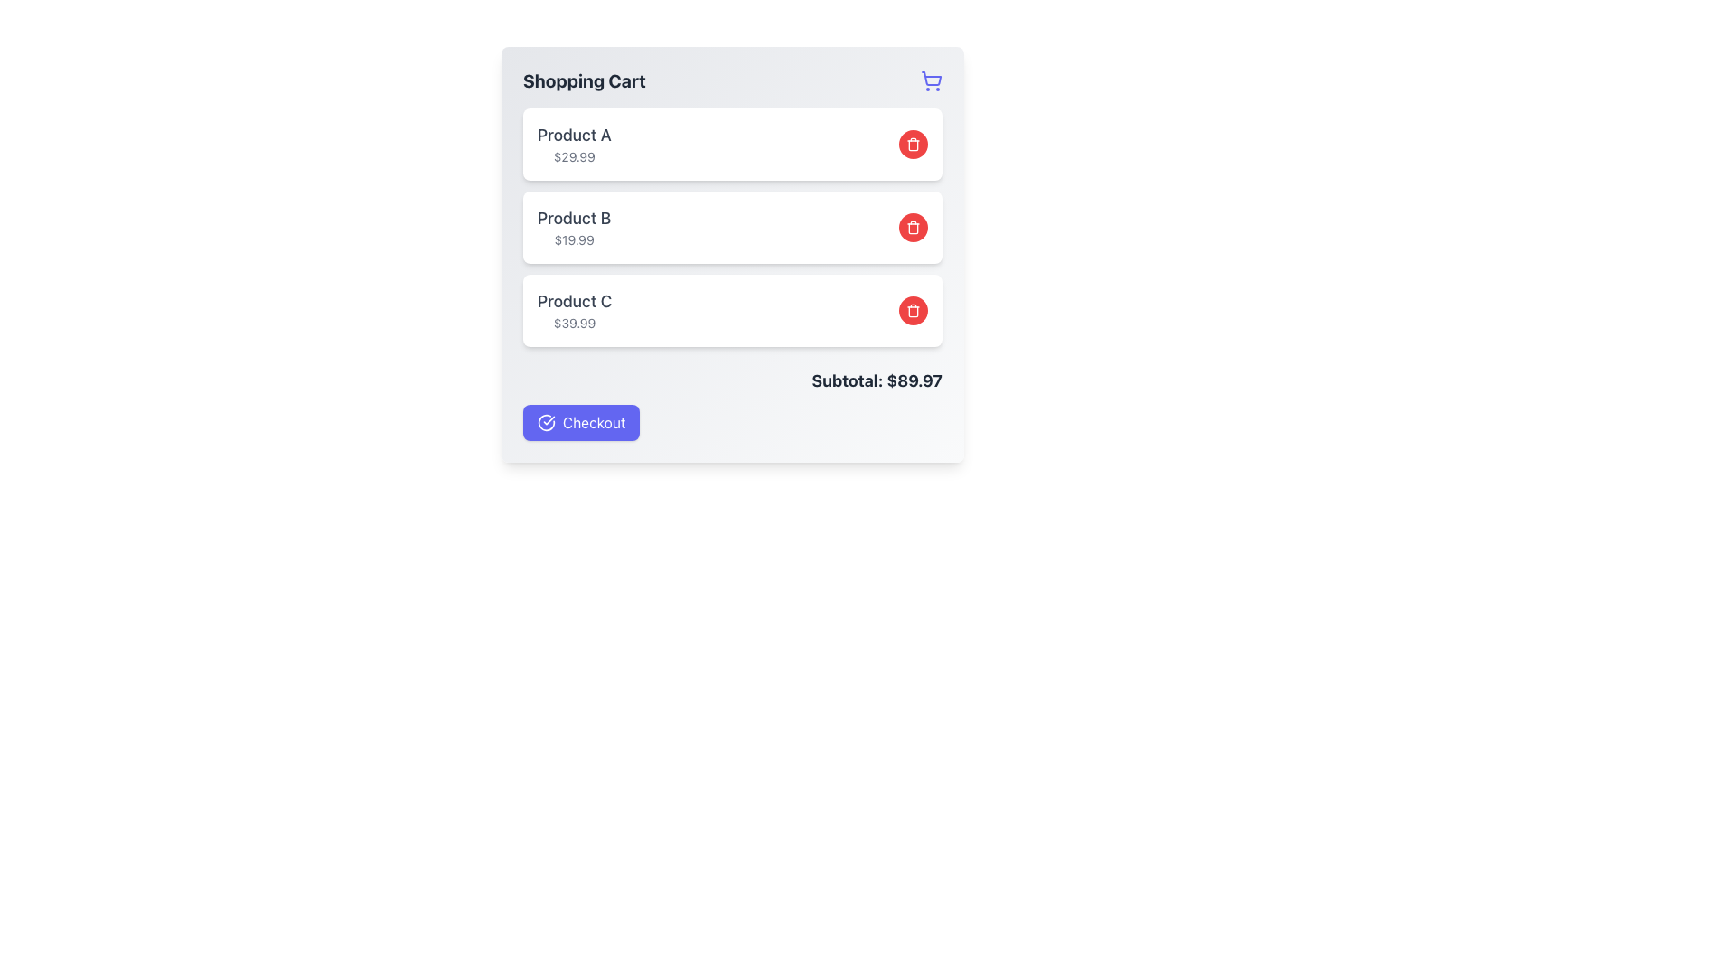  What do you see at coordinates (914, 226) in the screenshot?
I see `the circular red button with a white trash can icon located on the right end of the product listing for 'Product B' priced at '$19.99'` at bounding box center [914, 226].